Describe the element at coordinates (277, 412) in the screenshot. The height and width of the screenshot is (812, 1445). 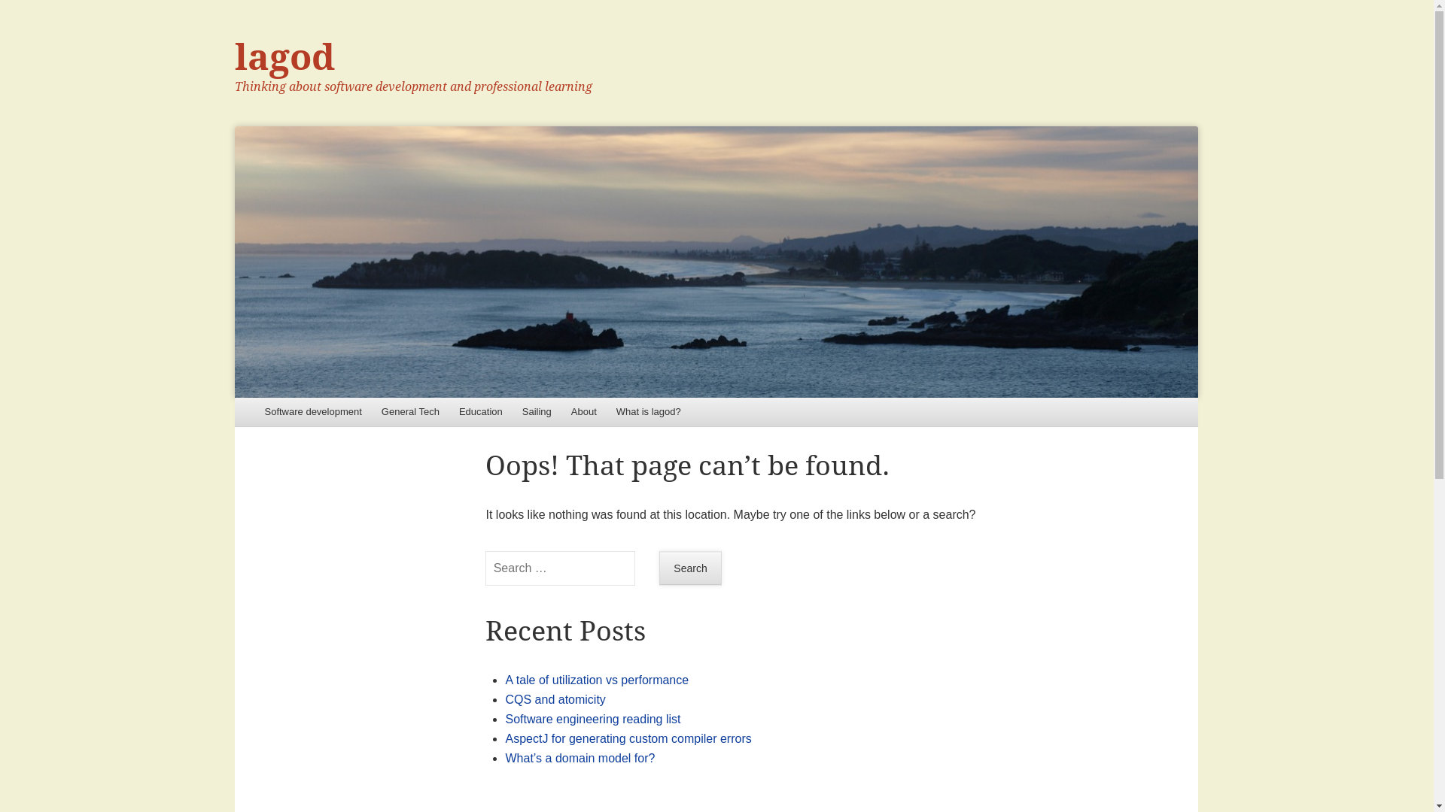
I see `'Skip to content'` at that location.